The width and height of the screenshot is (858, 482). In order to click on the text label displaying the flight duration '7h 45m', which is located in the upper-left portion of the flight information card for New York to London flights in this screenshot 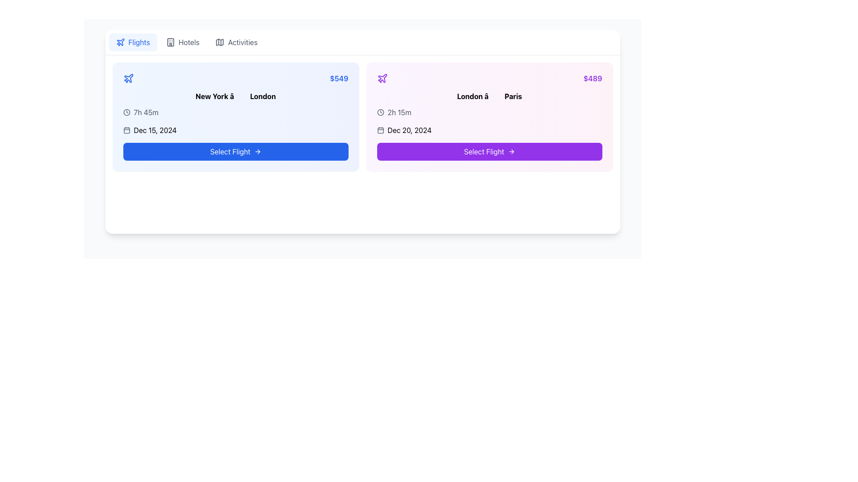, I will do `click(146, 112)`.